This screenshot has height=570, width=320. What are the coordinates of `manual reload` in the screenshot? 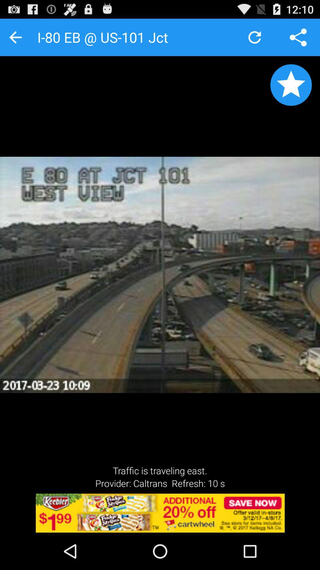 It's located at (254, 37).